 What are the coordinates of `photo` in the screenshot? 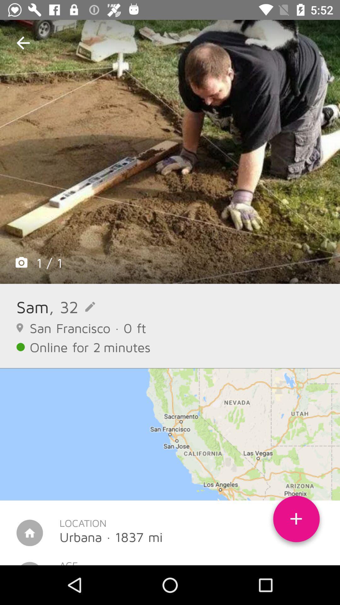 It's located at (170, 152).